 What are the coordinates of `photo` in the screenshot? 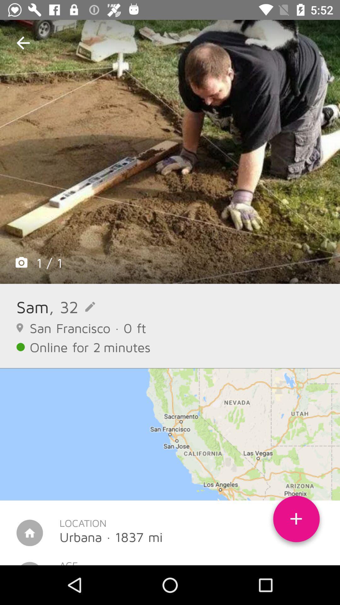 It's located at (170, 152).